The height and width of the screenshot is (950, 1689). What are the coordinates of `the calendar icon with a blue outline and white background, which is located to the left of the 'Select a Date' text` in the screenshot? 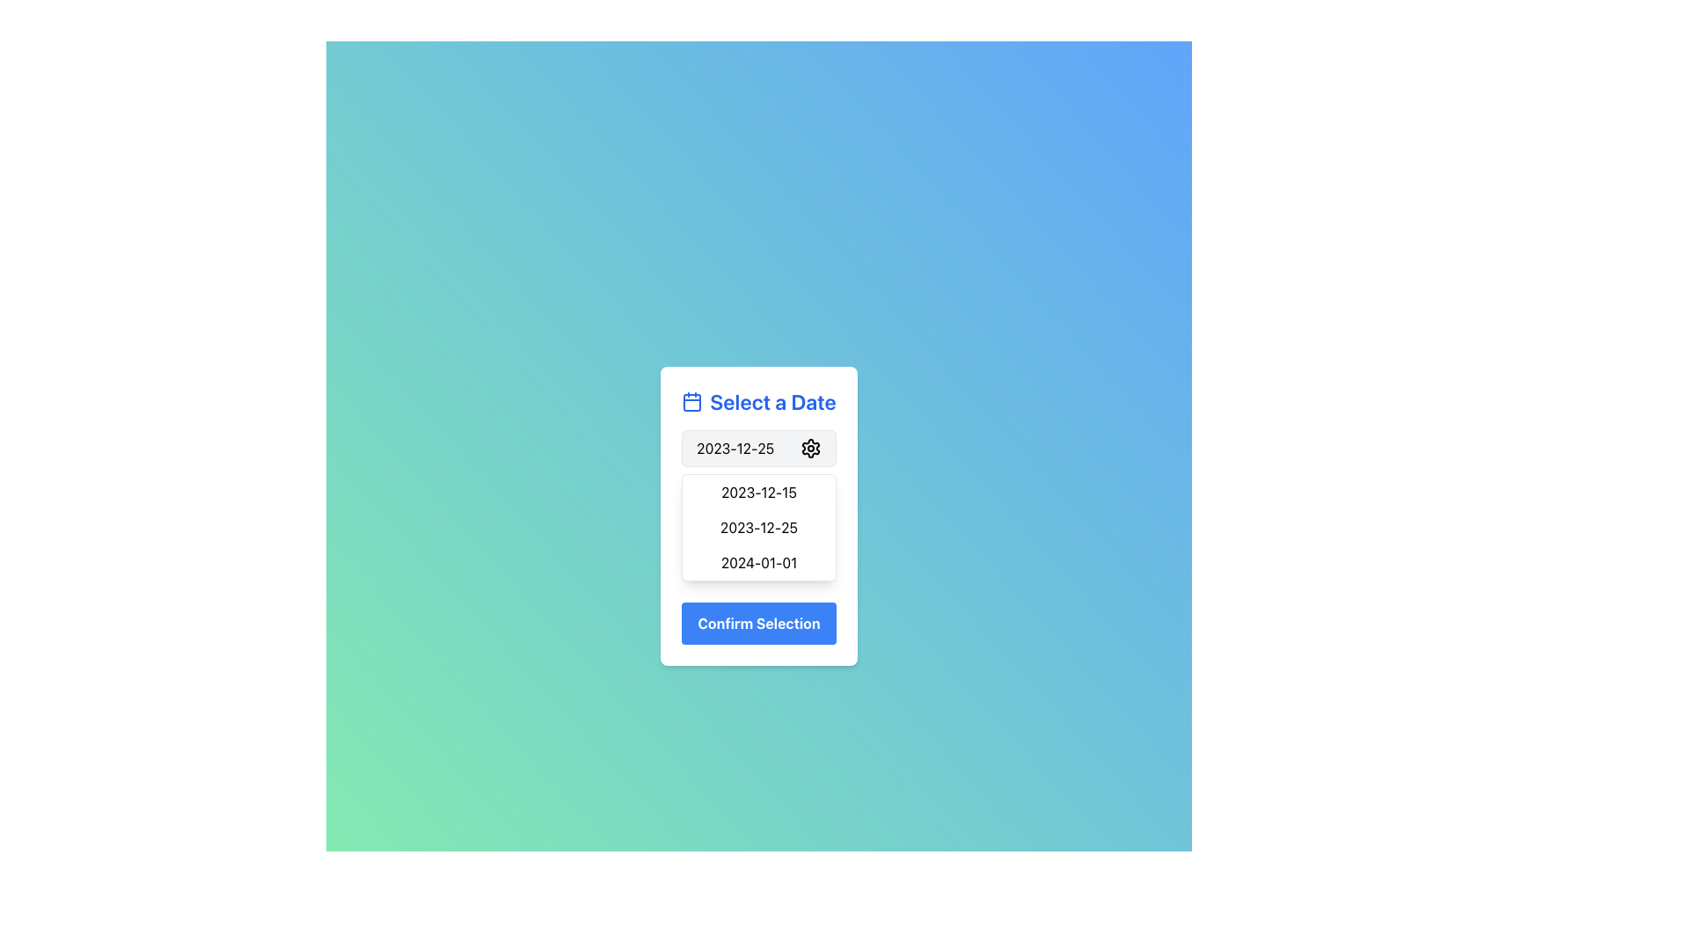 It's located at (691, 401).